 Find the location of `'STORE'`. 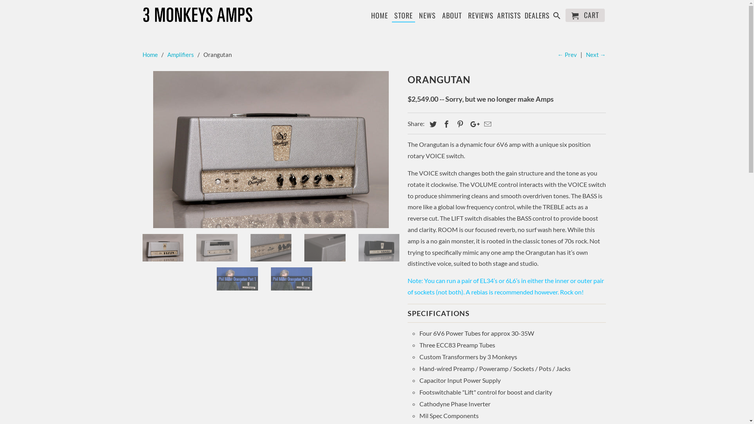

'STORE' is located at coordinates (403, 15).